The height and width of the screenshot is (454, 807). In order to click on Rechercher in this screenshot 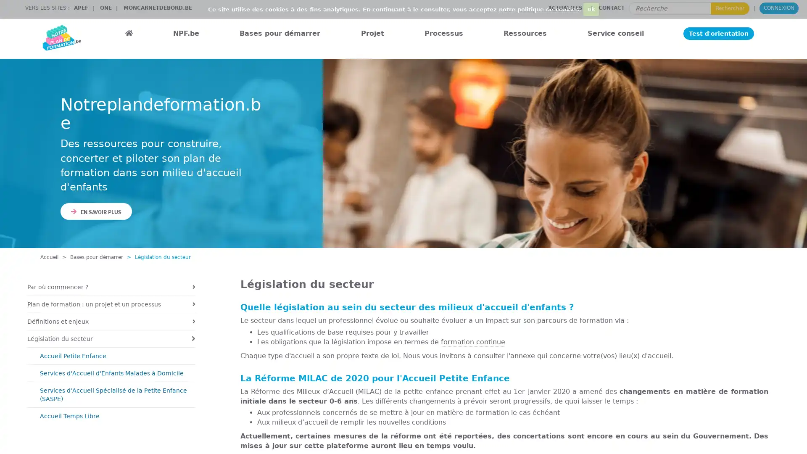, I will do `click(730, 8)`.